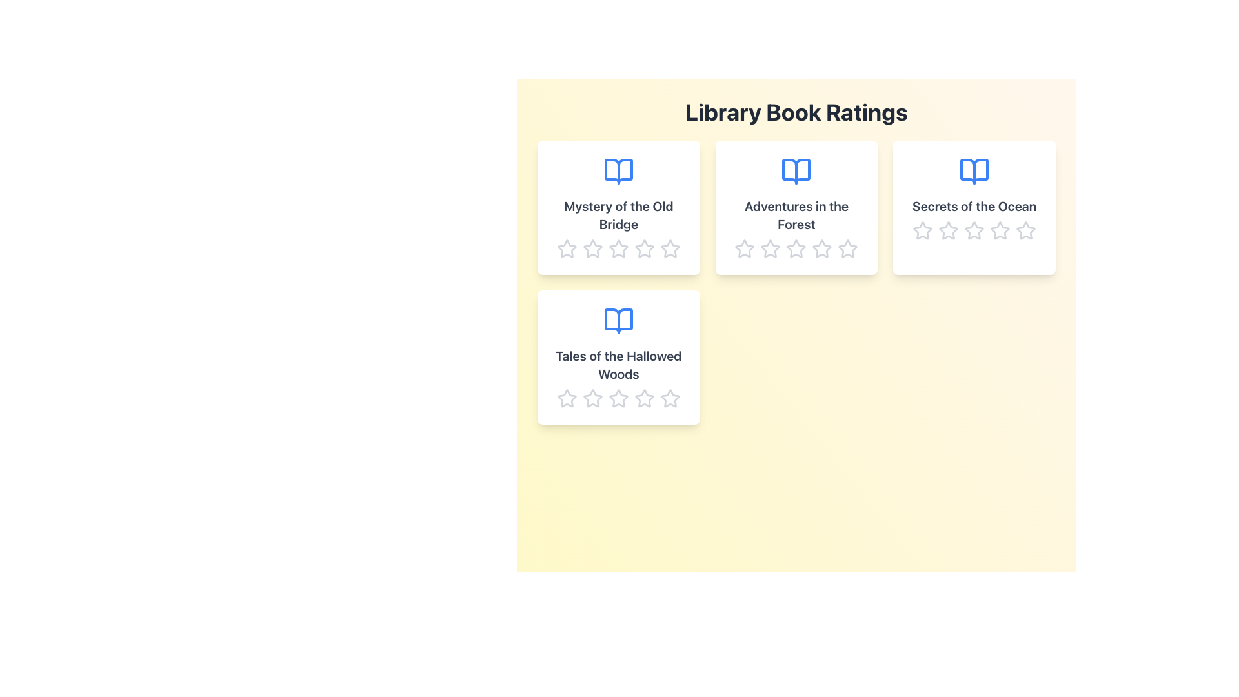 This screenshot has width=1239, height=697. I want to click on the fifth star icon in the rating system for the book 'Tales of the Hallowed Woods', so click(670, 398).